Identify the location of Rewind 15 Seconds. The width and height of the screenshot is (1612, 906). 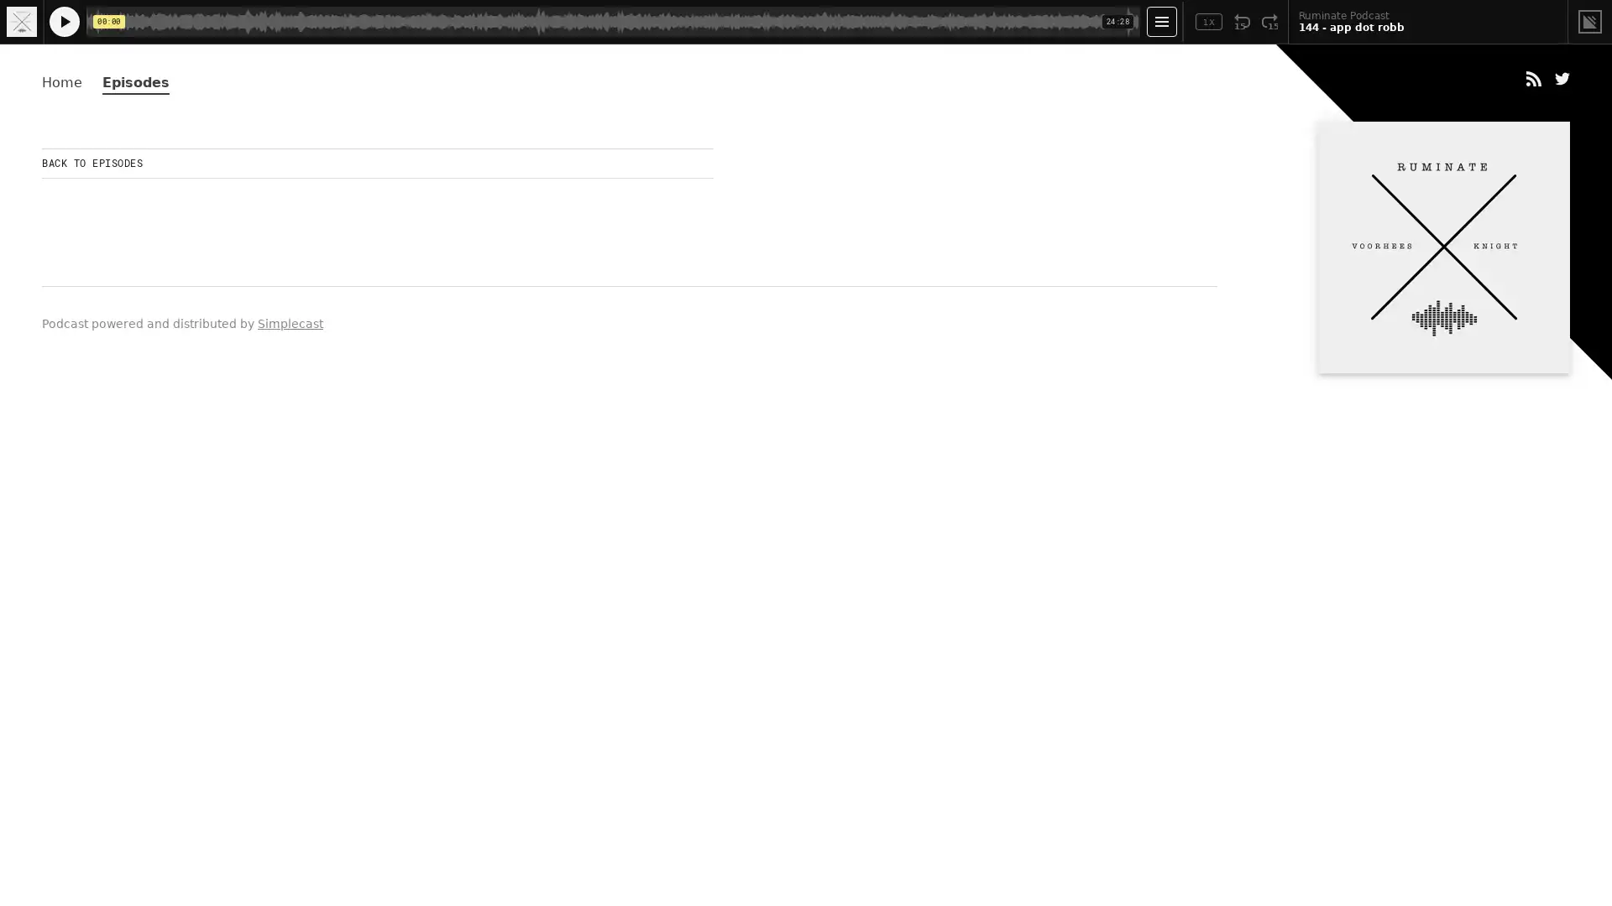
(1242, 22).